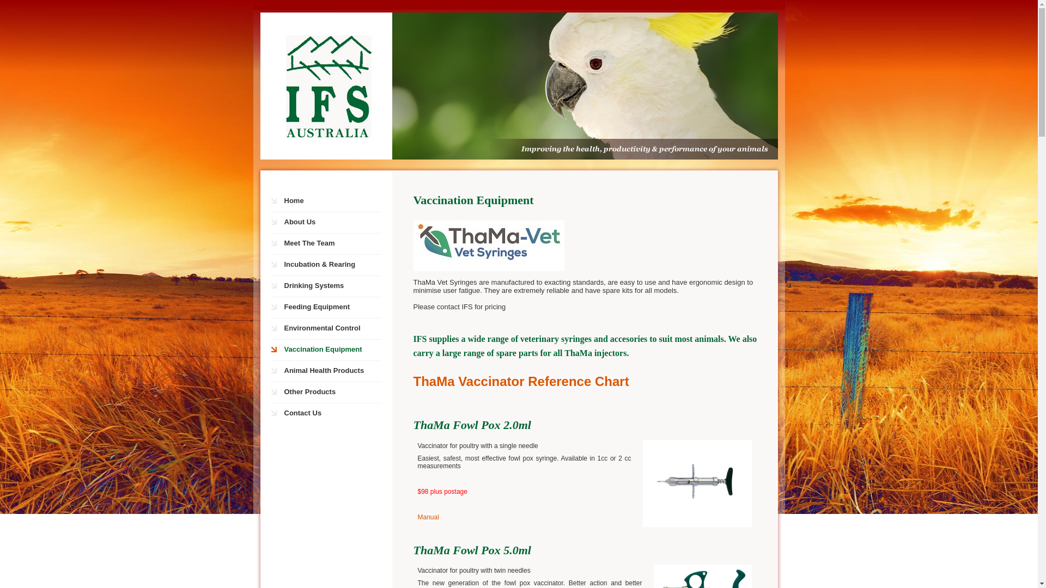 The image size is (1046, 588). What do you see at coordinates (331, 328) in the screenshot?
I see `'Environmental Control'` at bounding box center [331, 328].